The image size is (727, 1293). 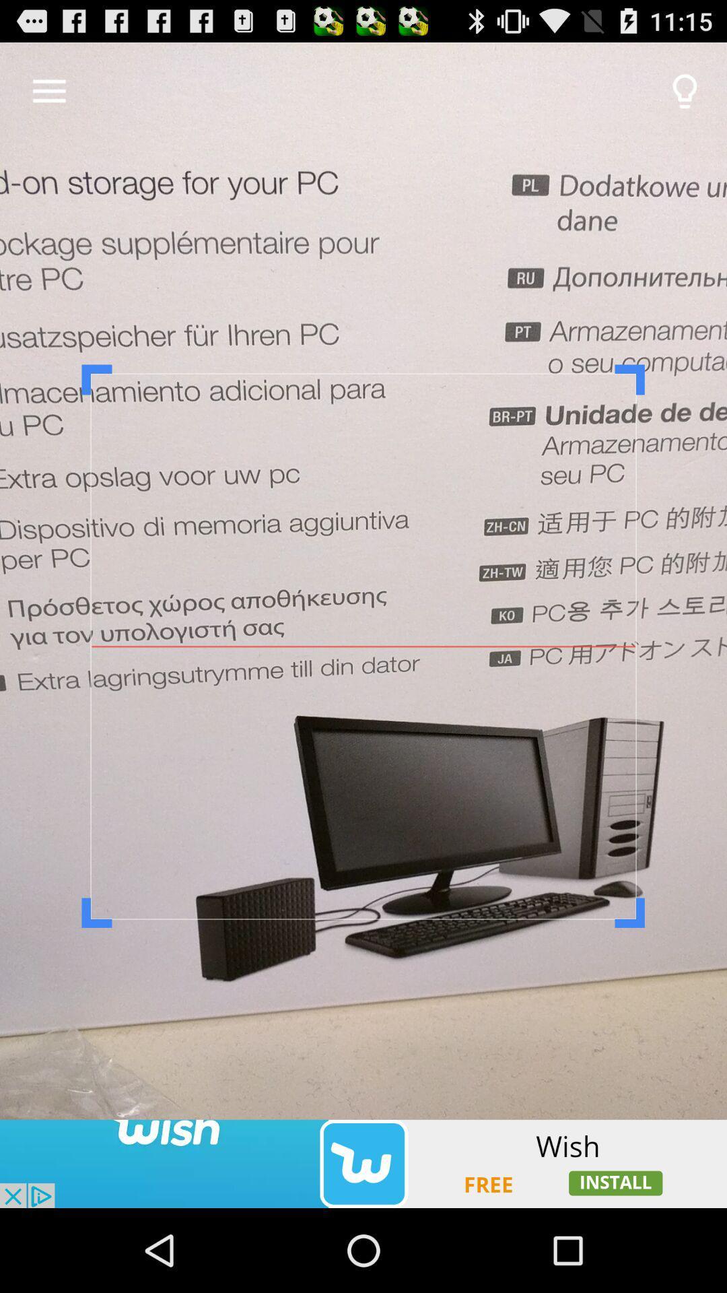 What do you see at coordinates (363, 1163) in the screenshot?
I see `advertisement banner` at bounding box center [363, 1163].